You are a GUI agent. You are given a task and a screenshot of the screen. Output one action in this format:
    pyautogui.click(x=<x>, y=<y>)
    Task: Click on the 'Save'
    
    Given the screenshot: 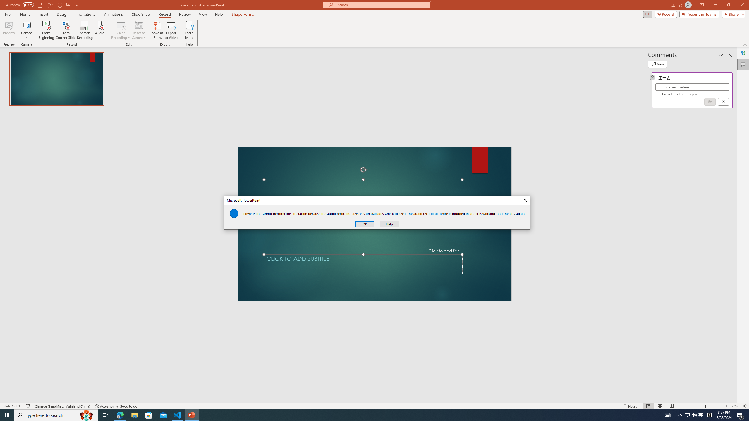 What is the action you would take?
    pyautogui.click(x=39, y=4)
    